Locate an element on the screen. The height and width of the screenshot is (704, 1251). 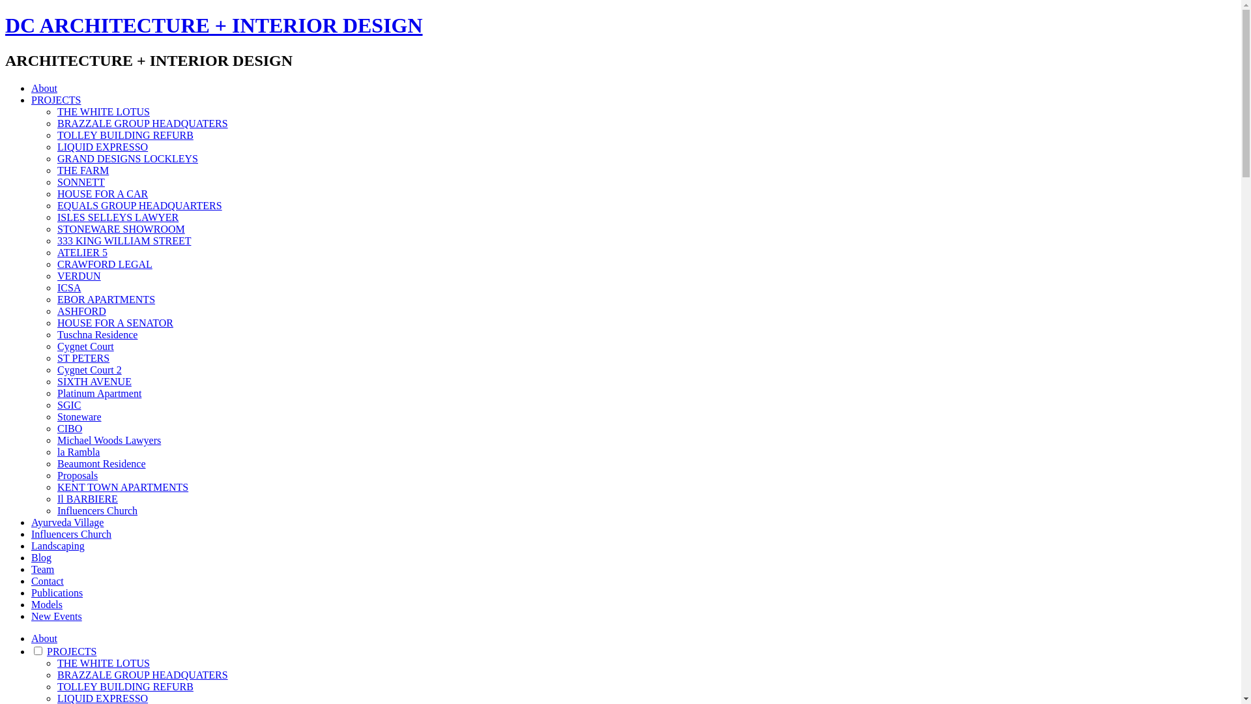
'Publications' is located at coordinates (56, 593).